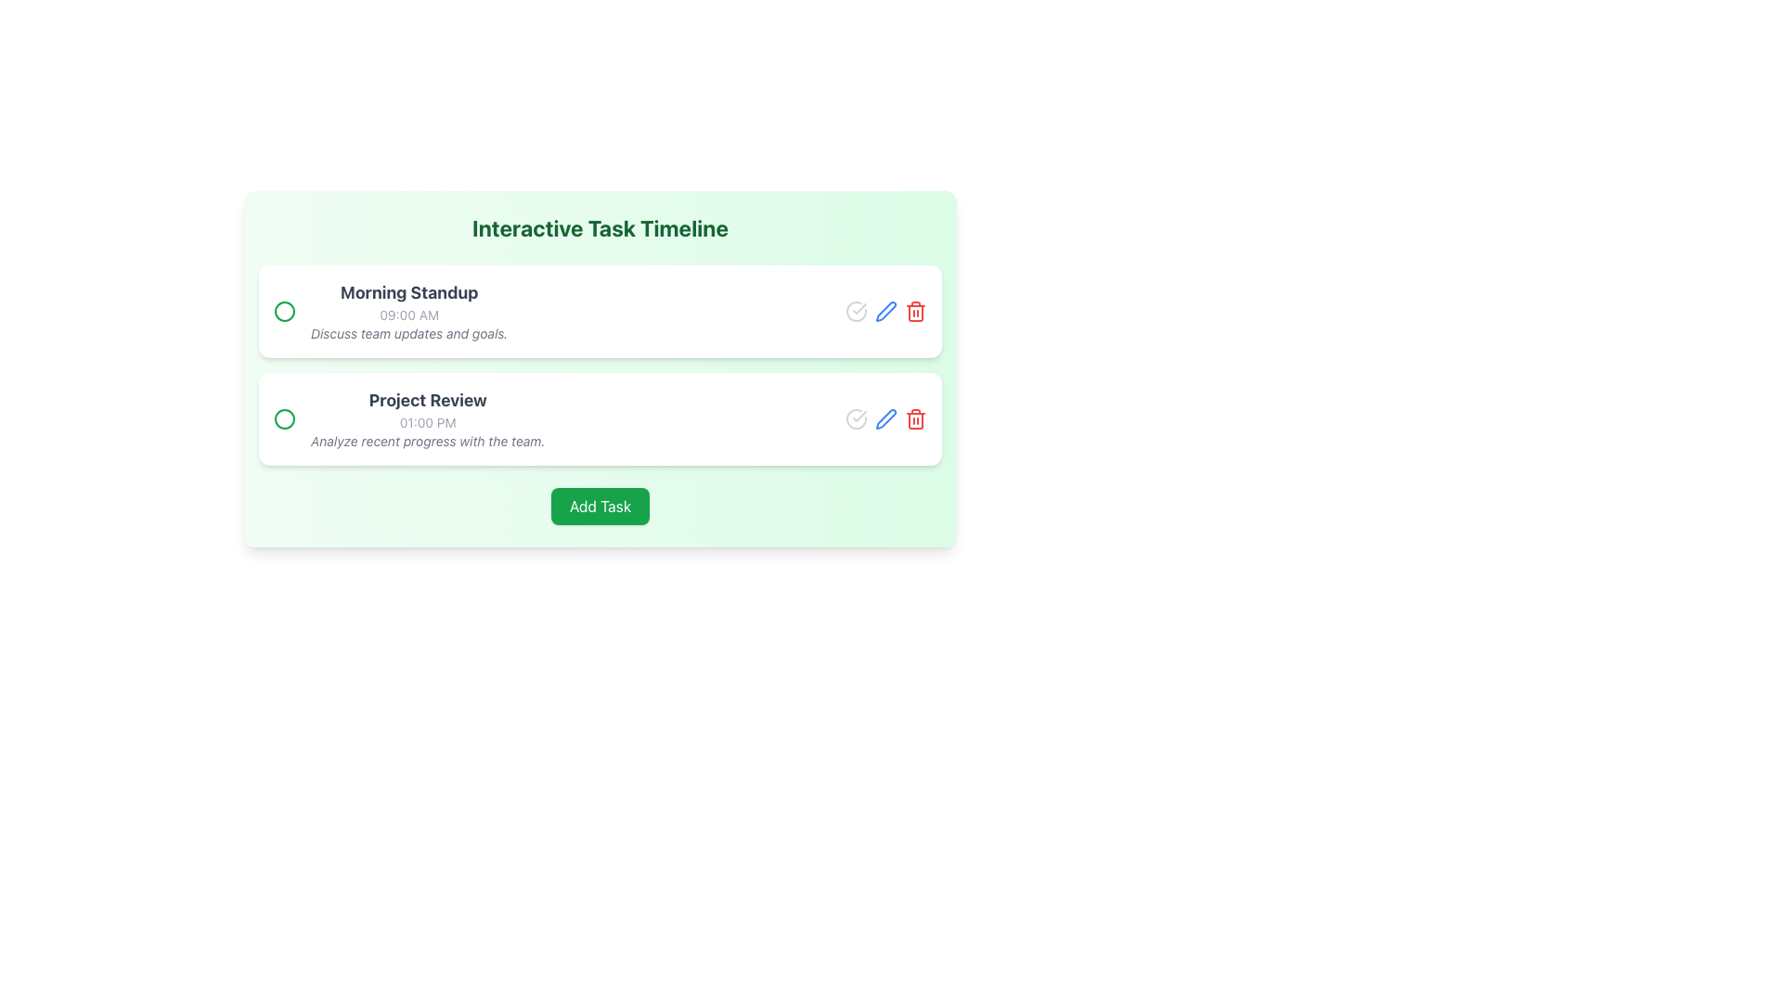 The height and width of the screenshot is (1002, 1782). Describe the element at coordinates (427, 422) in the screenshot. I see `the text element that indicates the time associated with the 'Project Review' task, positioned between the title and description in the task list under 'Interactive Task Timeline'` at that location.